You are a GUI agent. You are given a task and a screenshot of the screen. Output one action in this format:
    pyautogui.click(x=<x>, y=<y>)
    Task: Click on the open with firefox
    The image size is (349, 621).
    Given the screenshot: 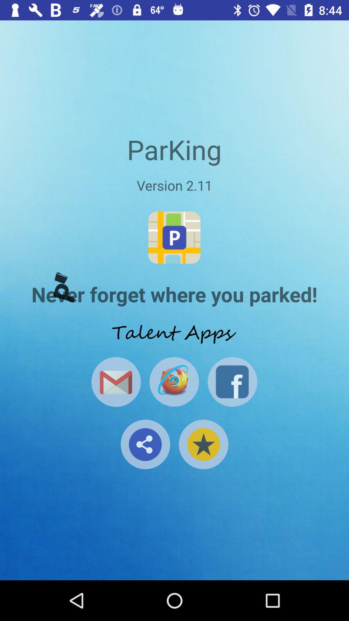 What is the action you would take?
    pyautogui.click(x=174, y=382)
    